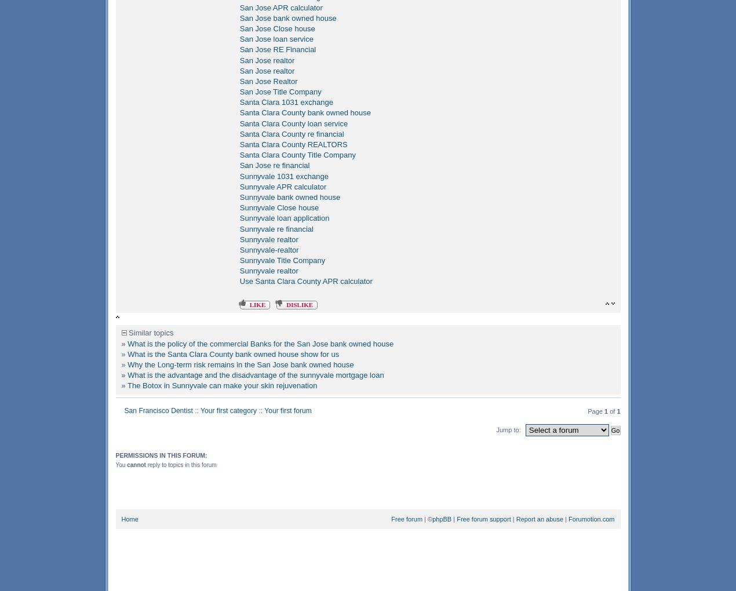 The height and width of the screenshot is (591, 736). I want to click on 'Santa Clara County loan service', so click(293, 122).